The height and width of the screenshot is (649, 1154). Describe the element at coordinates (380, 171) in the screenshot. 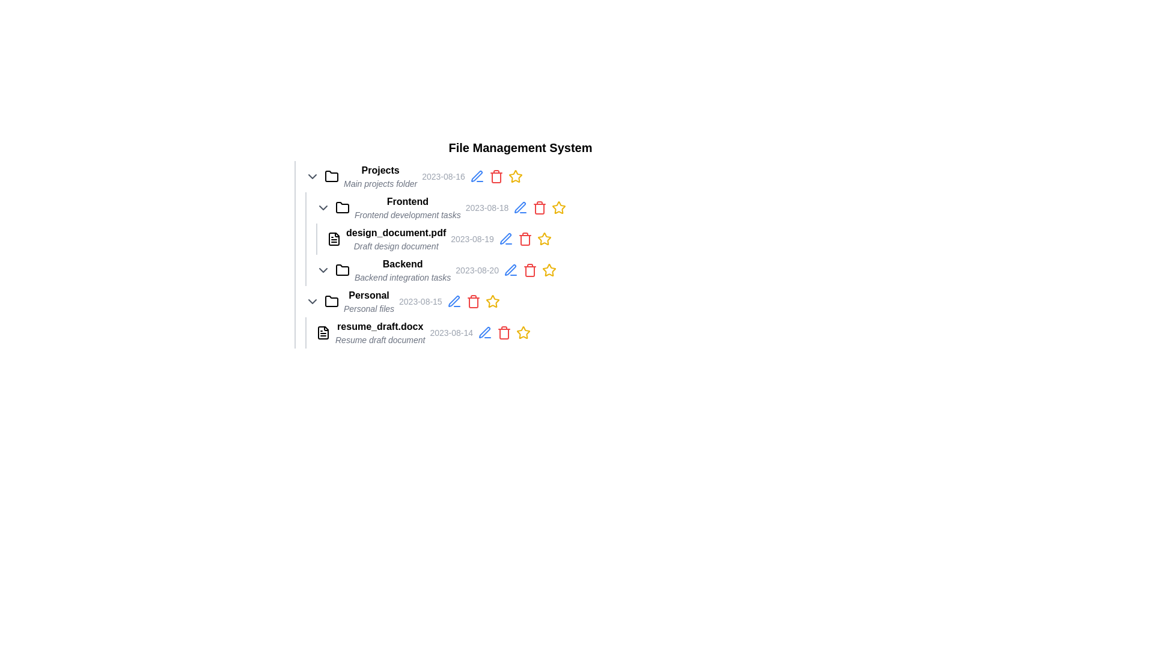

I see `the bolded text label that reads 'Projects', which is styled prominently at the top of the left panel in the file management interface` at that location.